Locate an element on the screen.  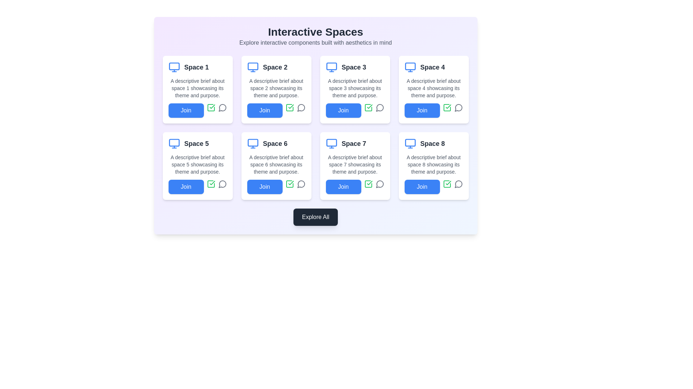
the 'Join' button located at the bottom of the 'Space 7' card to observe the hover effect is located at coordinates (355, 187).